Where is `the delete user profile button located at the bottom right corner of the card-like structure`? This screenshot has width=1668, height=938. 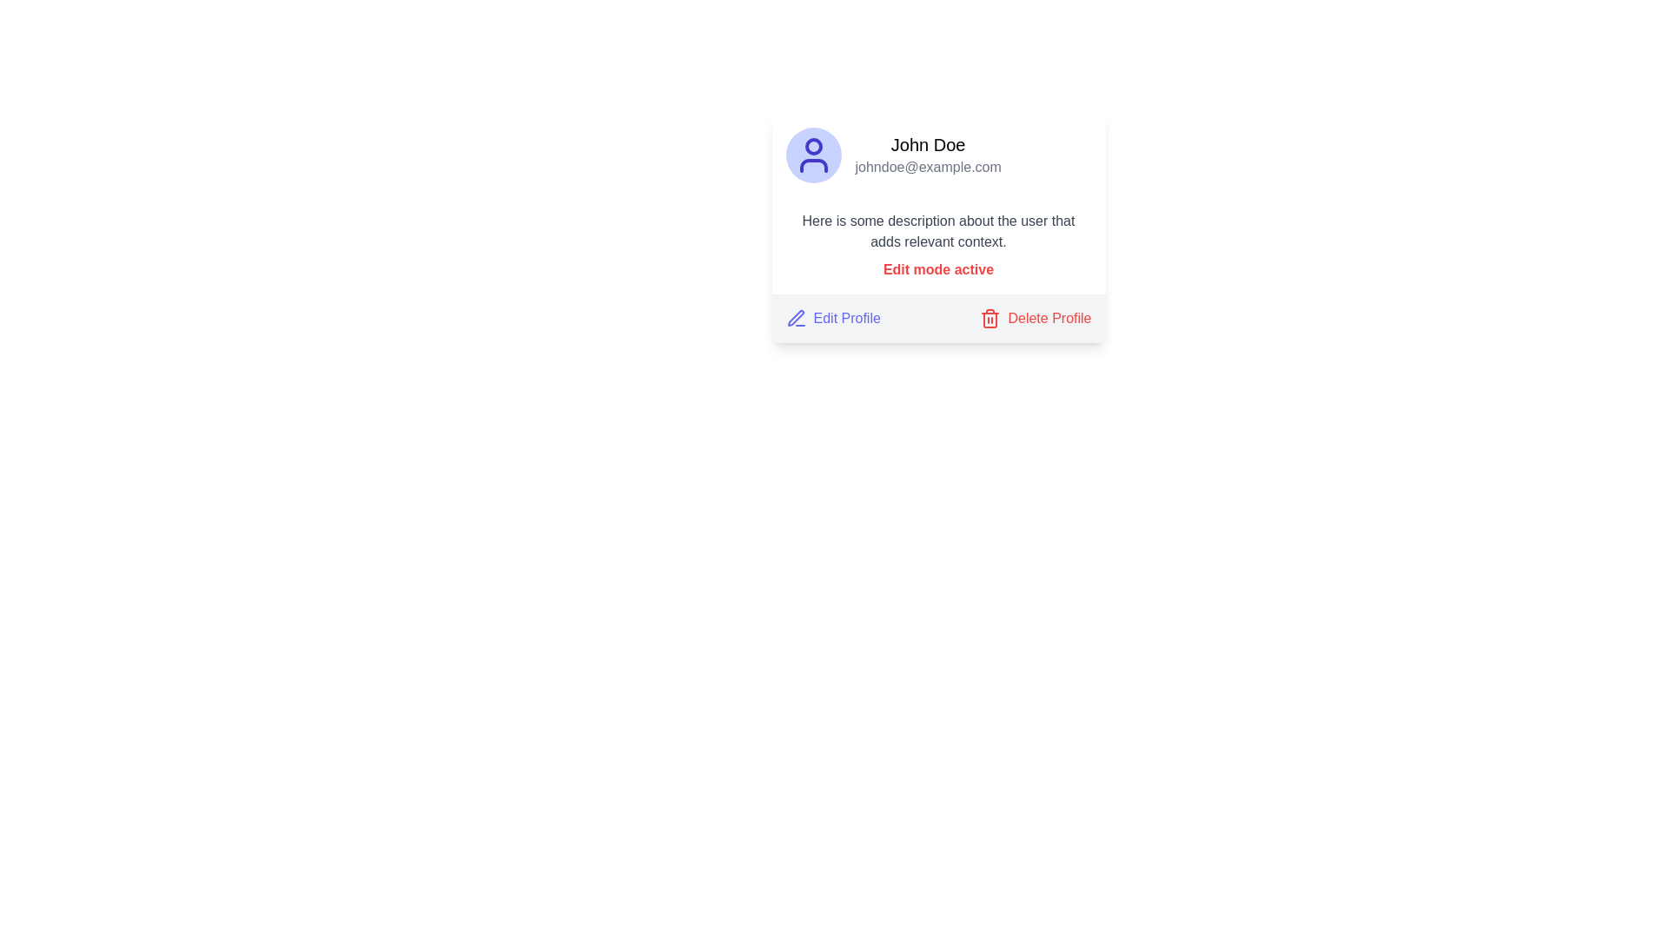
the delete user profile button located at the bottom right corner of the card-like structure is located at coordinates (1036, 318).